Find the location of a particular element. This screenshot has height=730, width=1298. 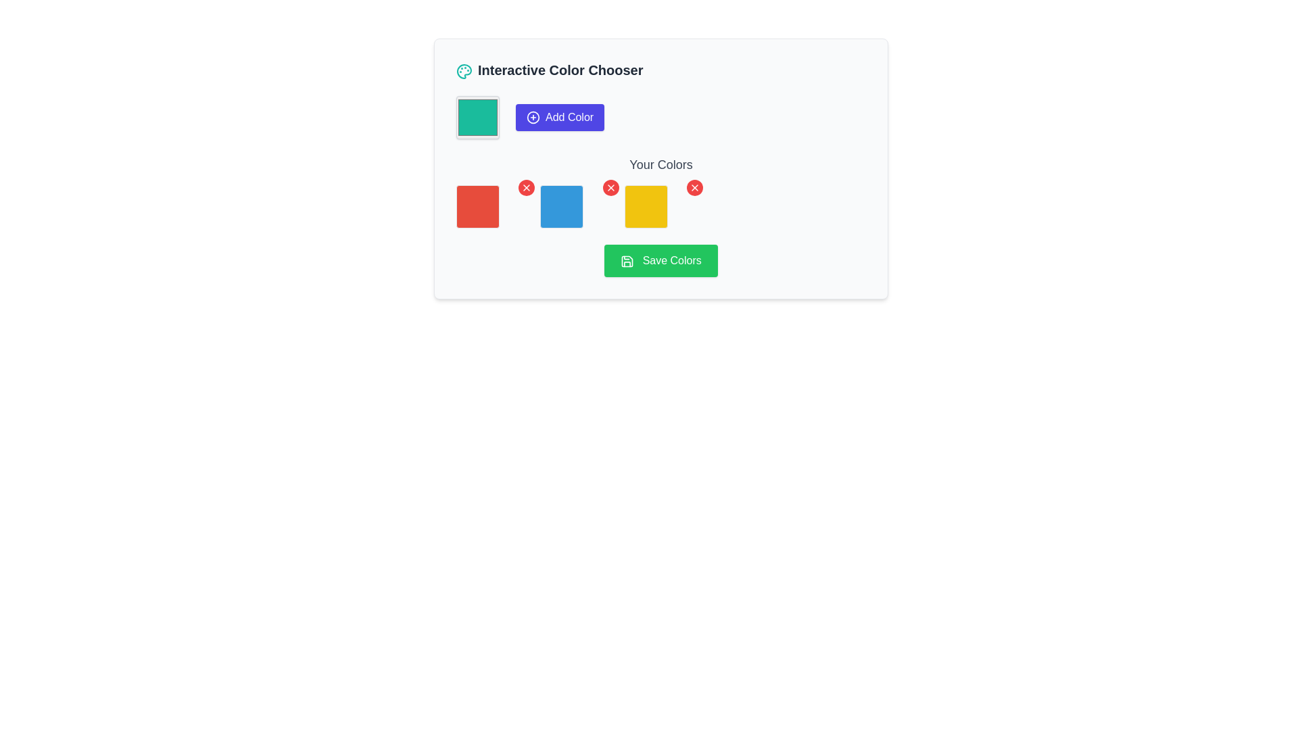

the 'X' icon within the red circular button is located at coordinates (610, 187).